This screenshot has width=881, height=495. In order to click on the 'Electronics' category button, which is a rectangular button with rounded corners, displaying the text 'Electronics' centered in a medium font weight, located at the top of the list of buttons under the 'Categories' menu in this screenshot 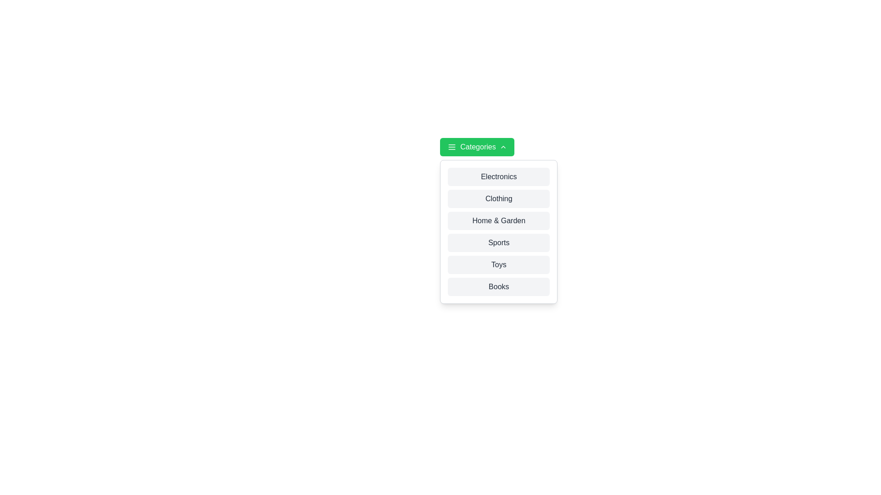, I will do `click(498, 176)`.